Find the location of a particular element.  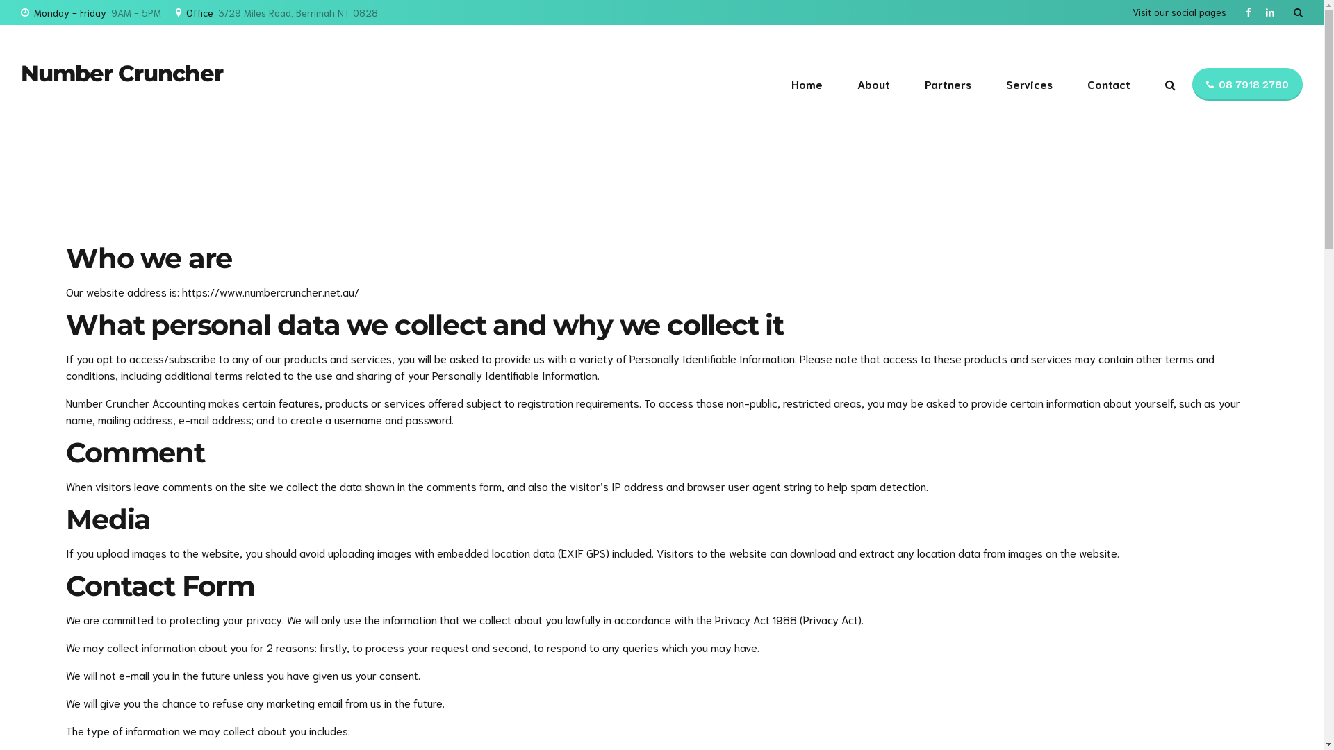

'Contact' is located at coordinates (1086, 83).